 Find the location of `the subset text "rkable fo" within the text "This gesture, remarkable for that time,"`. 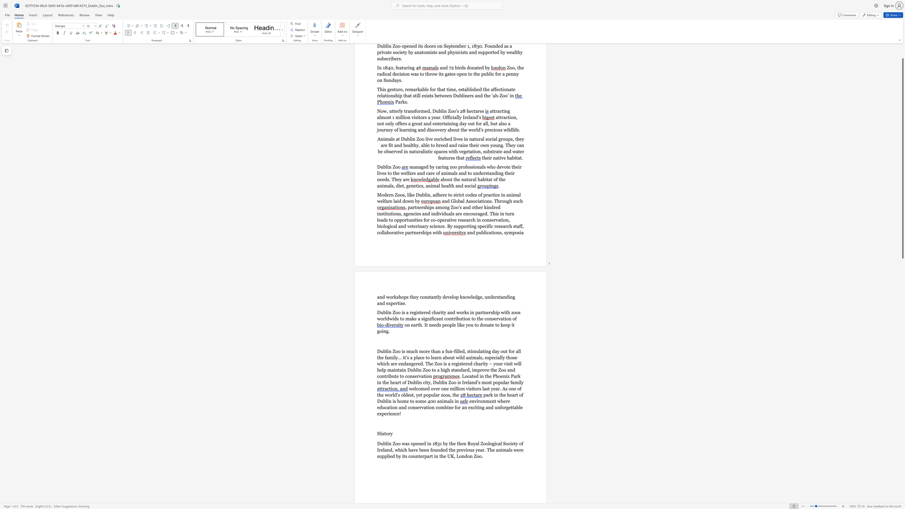

the subset text "rkable fo" within the text "This gesture, remarkable for that time," is located at coordinates (416, 89).